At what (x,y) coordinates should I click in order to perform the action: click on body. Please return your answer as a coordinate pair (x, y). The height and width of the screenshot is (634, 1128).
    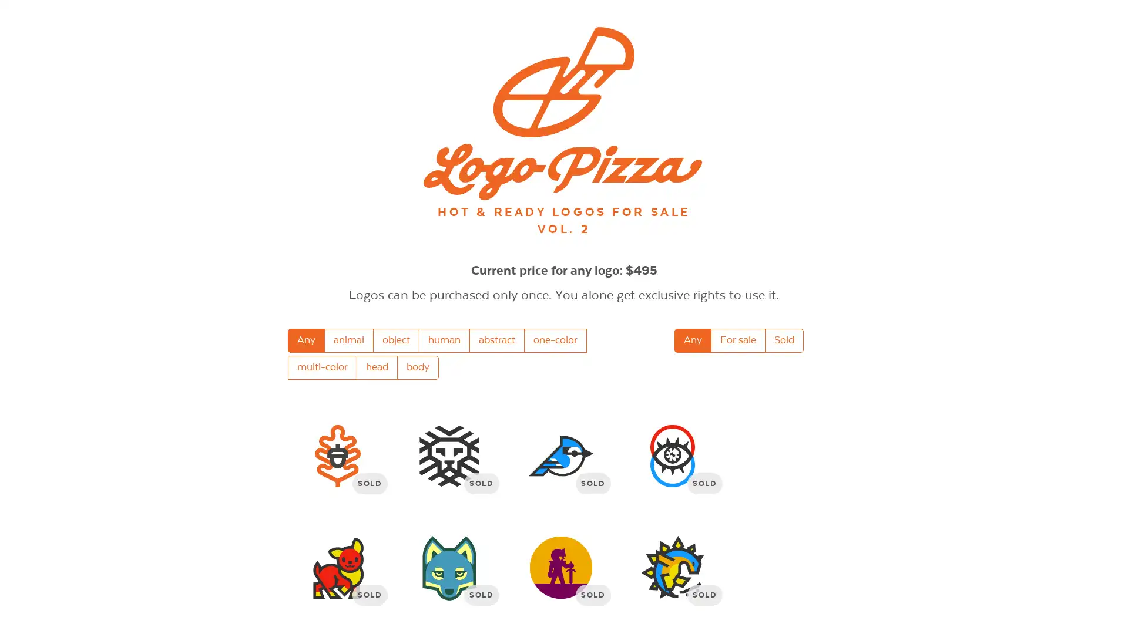
    Looking at the image, I should click on (418, 367).